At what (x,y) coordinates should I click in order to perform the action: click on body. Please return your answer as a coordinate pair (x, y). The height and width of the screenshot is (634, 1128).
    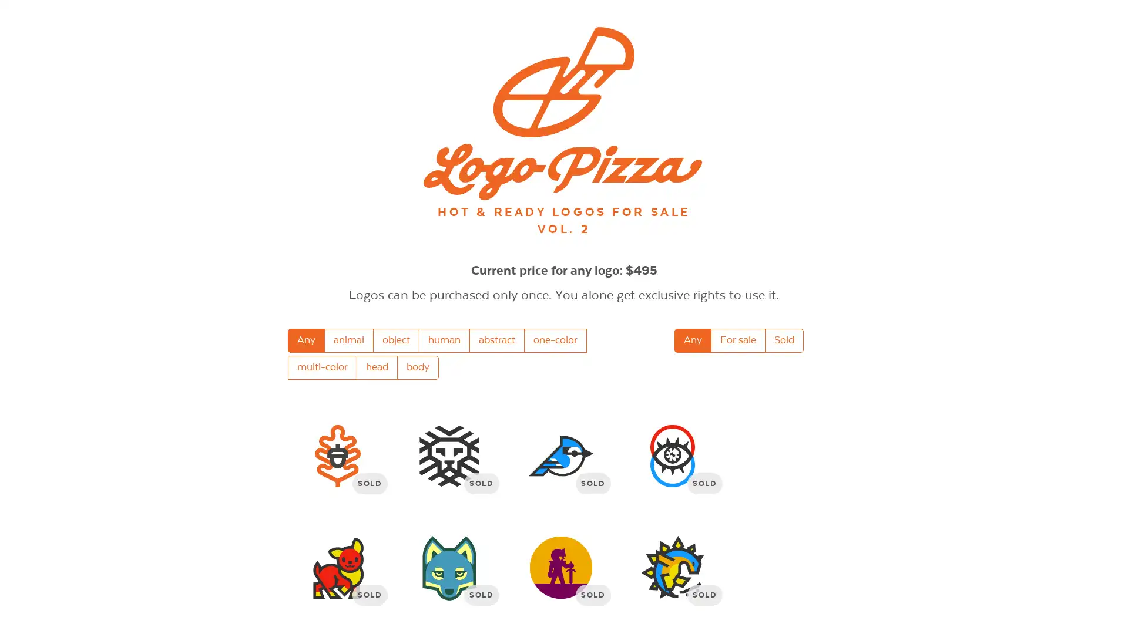
    Looking at the image, I should click on (418, 367).